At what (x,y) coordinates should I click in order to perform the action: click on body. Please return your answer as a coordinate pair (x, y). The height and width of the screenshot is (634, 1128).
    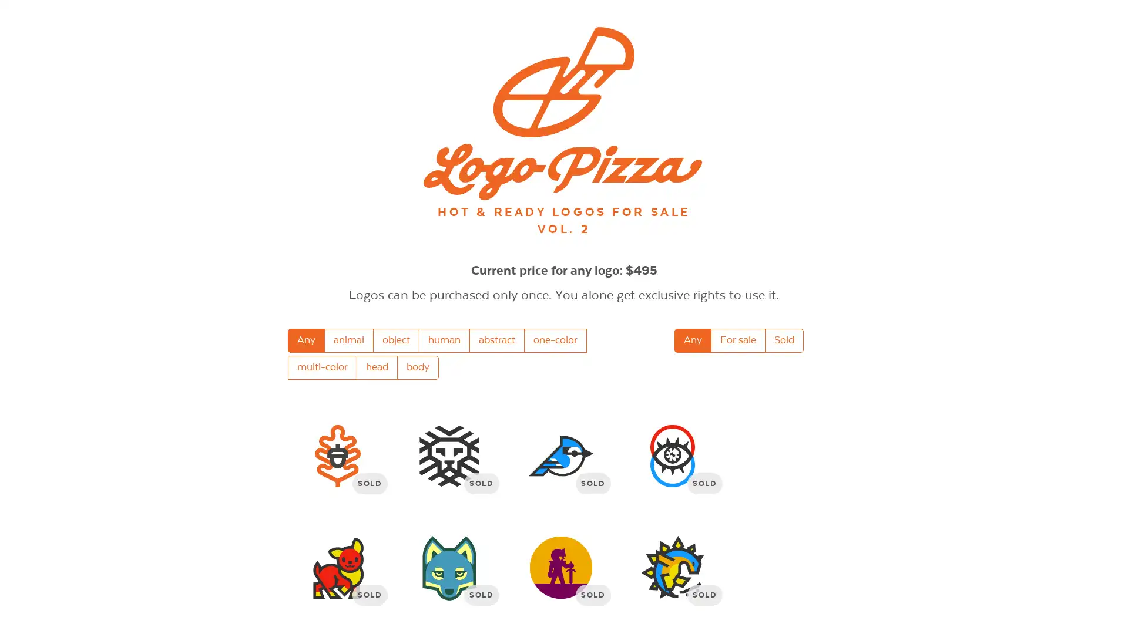
    Looking at the image, I should click on (418, 367).